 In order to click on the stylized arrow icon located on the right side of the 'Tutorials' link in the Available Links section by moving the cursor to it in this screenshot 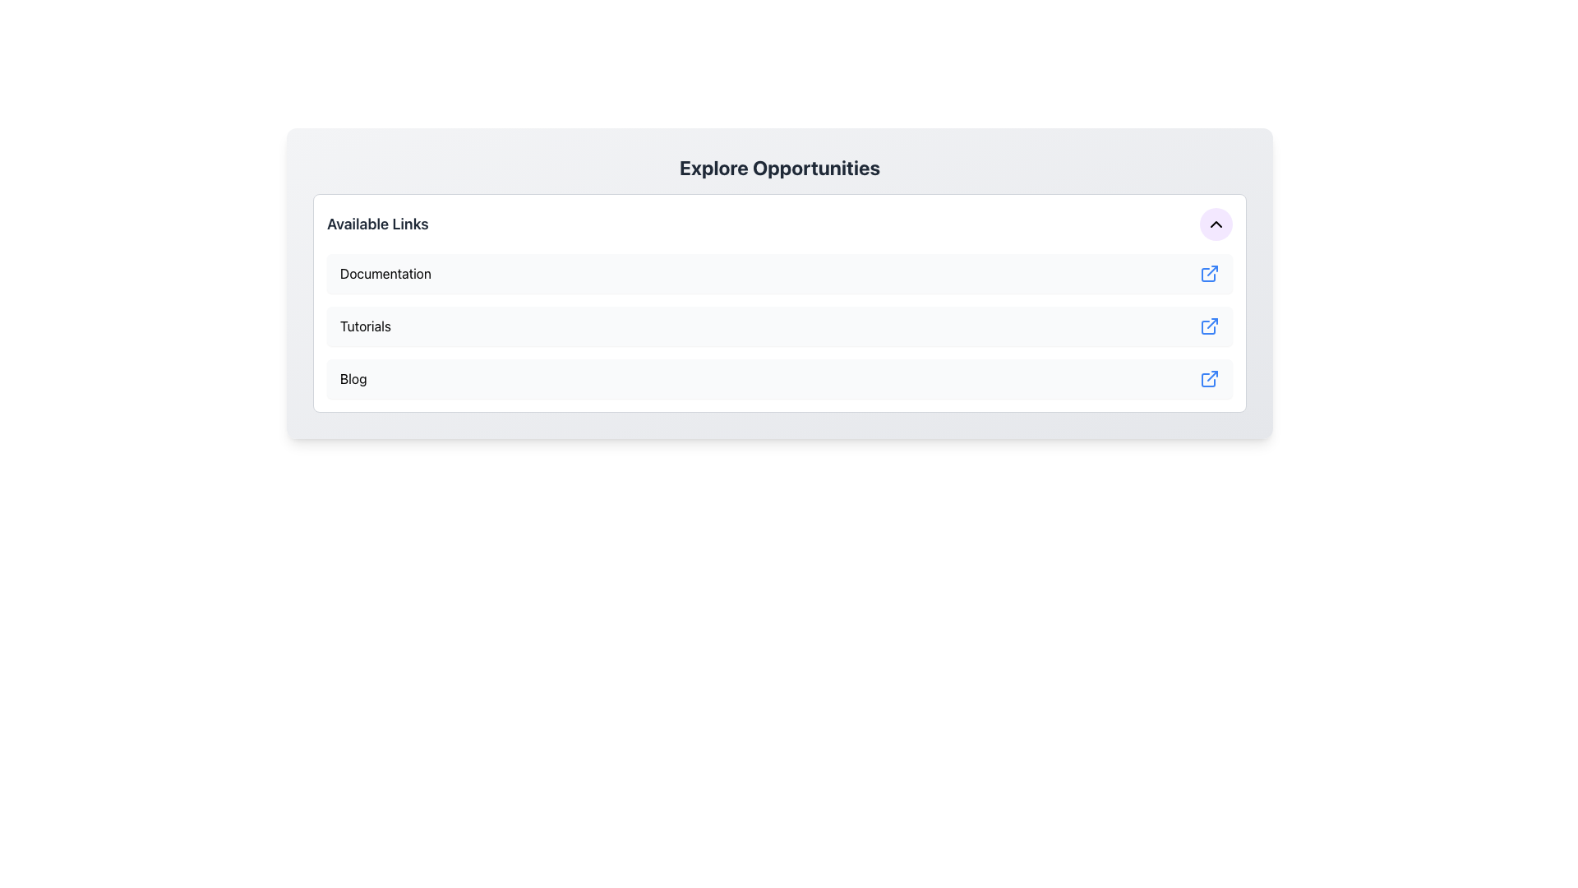, I will do `click(1212, 323)`.